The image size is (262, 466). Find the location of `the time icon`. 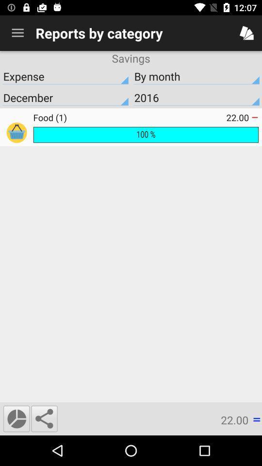

the time icon is located at coordinates (16, 418).